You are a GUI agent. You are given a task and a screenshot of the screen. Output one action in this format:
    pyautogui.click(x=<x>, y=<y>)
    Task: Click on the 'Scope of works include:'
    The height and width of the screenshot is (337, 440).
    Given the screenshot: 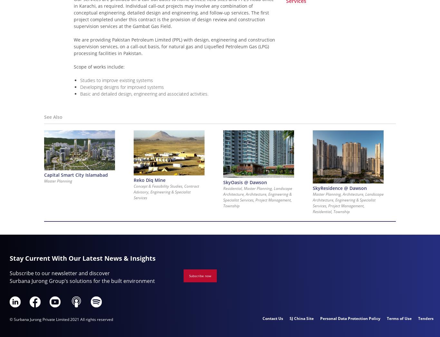 What is the action you would take?
    pyautogui.click(x=99, y=66)
    